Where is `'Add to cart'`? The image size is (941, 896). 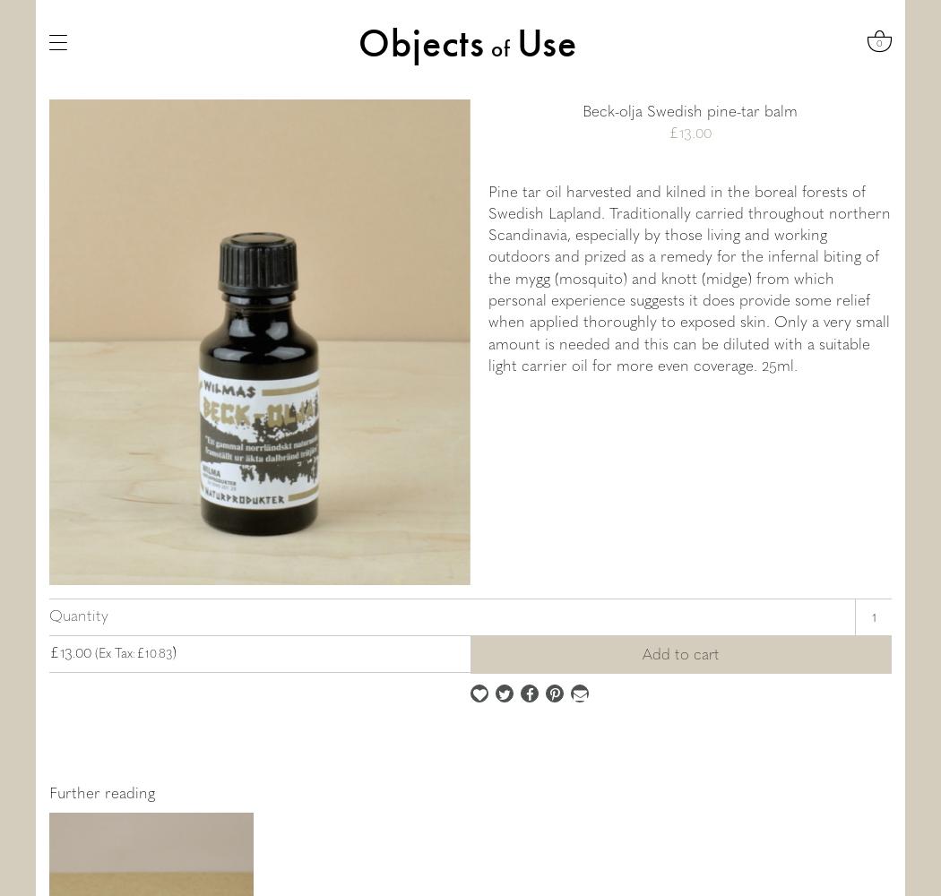
'Add to cart' is located at coordinates (642, 651).